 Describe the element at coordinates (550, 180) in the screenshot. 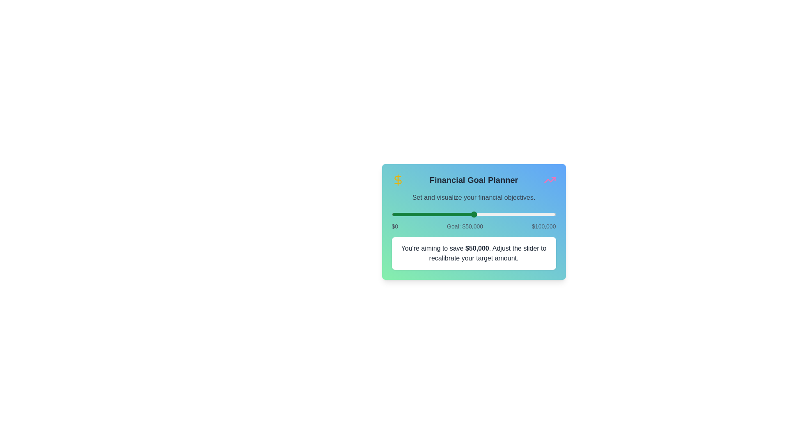

I see `the trending icon to trigger its functionality` at that location.